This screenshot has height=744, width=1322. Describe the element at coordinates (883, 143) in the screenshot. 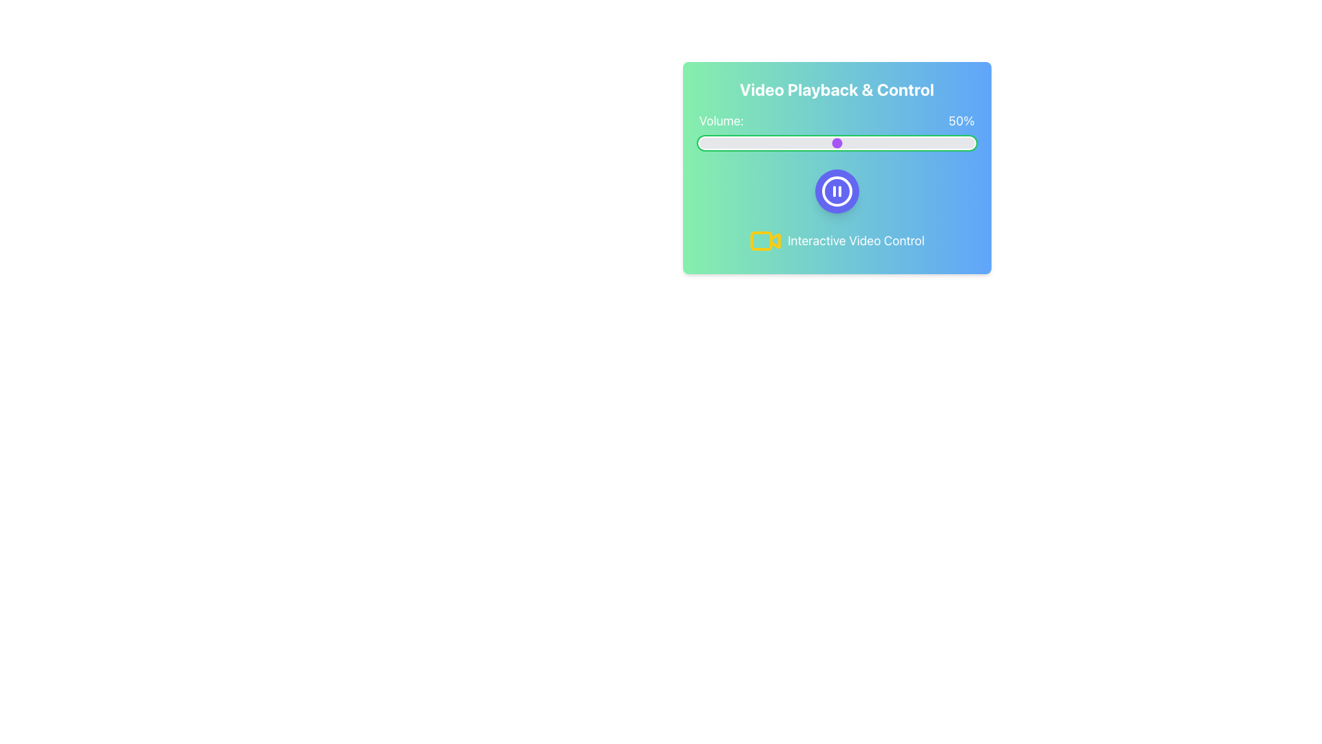

I see `the volume` at that location.